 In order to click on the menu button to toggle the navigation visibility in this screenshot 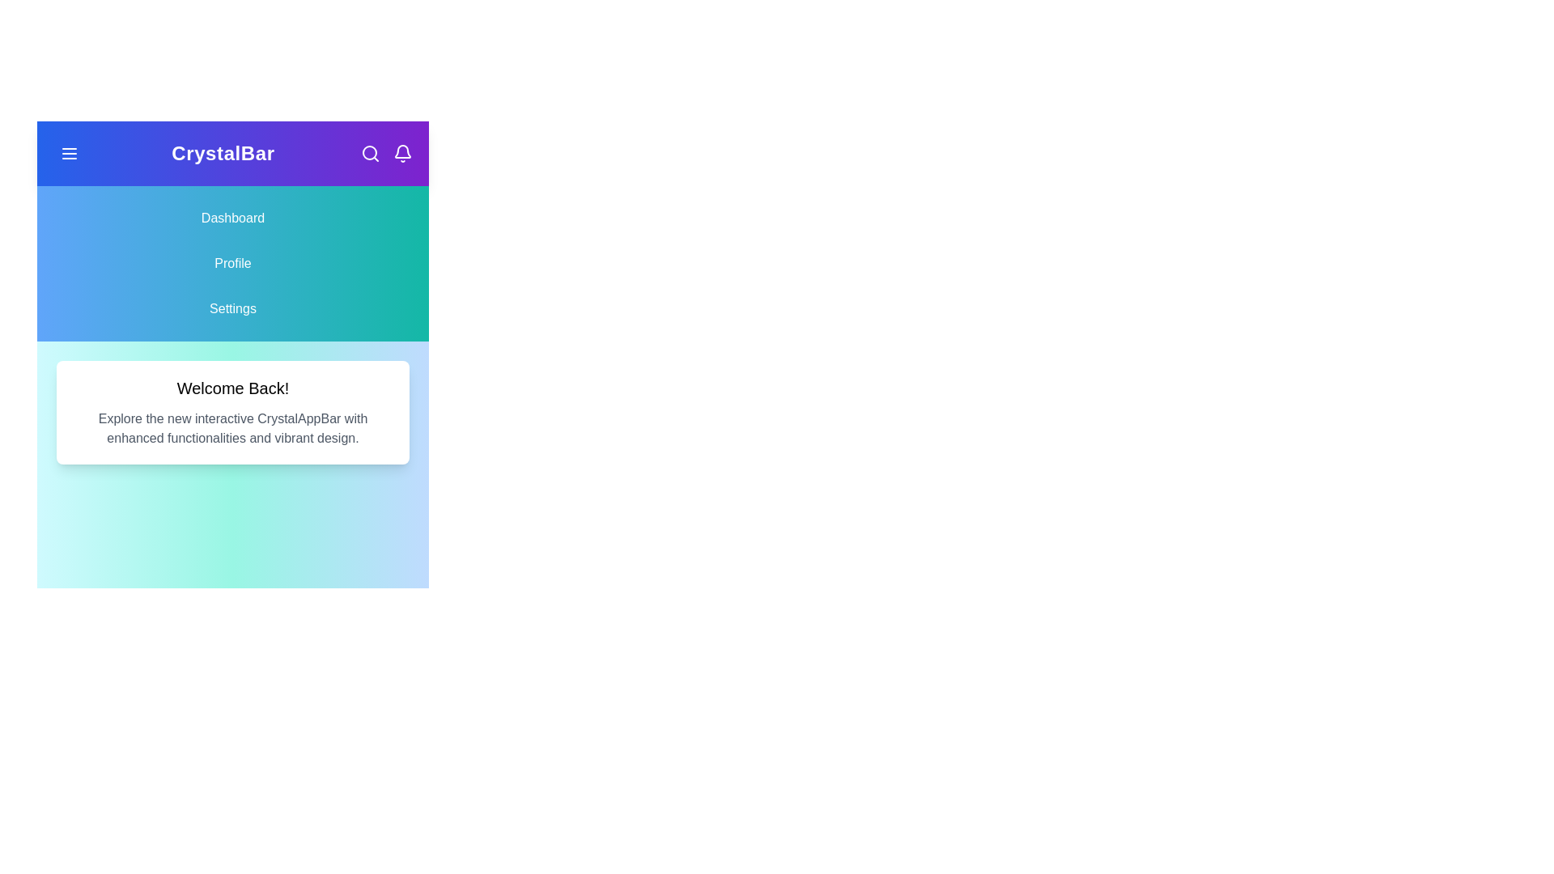, I will do `click(69, 153)`.